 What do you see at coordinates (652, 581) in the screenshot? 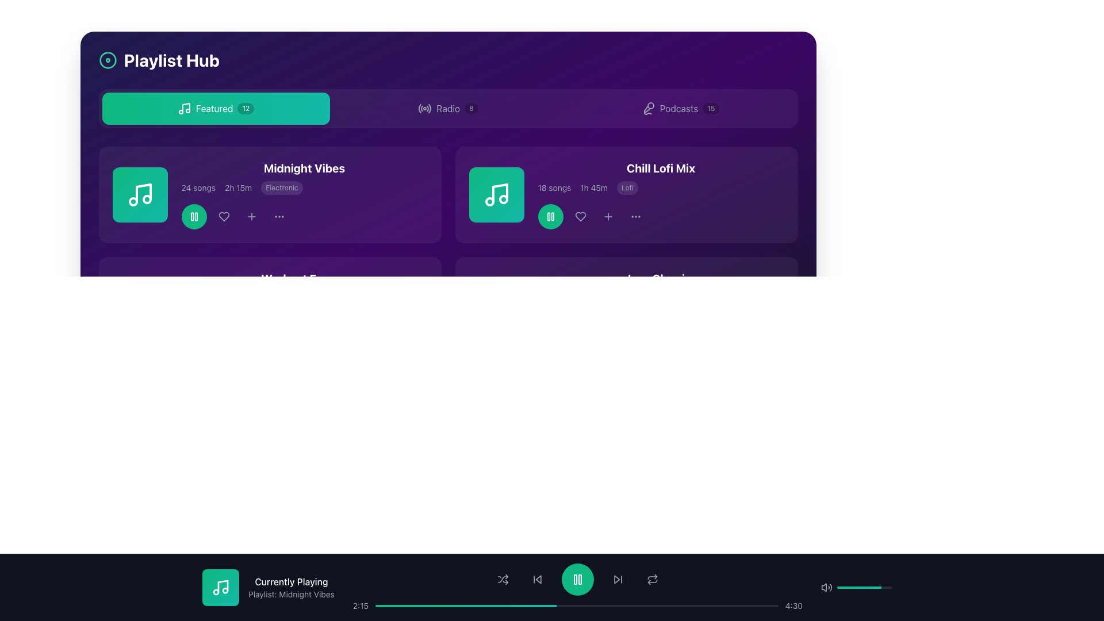
I see `the playback control icon at the rightmost end of the playback controls` at bounding box center [652, 581].